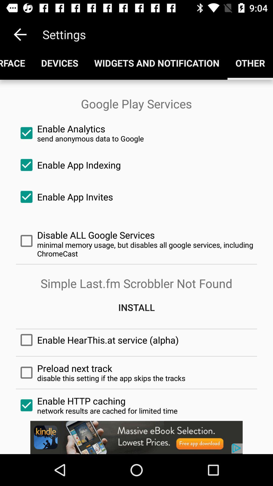 This screenshot has height=486, width=273. What do you see at coordinates (136, 241) in the screenshot?
I see `check the box of disable all google services` at bounding box center [136, 241].